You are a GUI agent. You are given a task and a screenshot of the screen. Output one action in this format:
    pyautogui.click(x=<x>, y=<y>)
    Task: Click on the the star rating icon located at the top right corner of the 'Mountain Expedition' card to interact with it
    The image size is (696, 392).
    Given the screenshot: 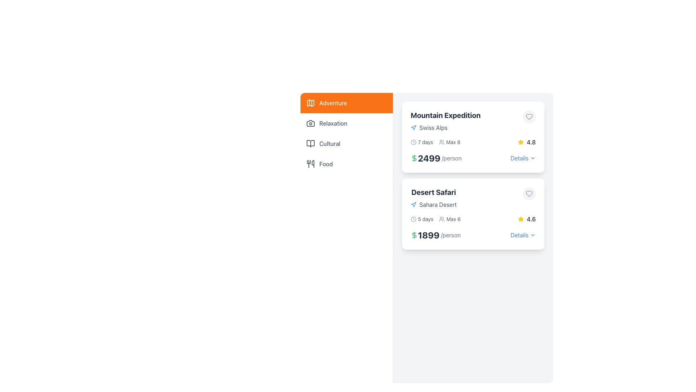 What is the action you would take?
    pyautogui.click(x=521, y=142)
    